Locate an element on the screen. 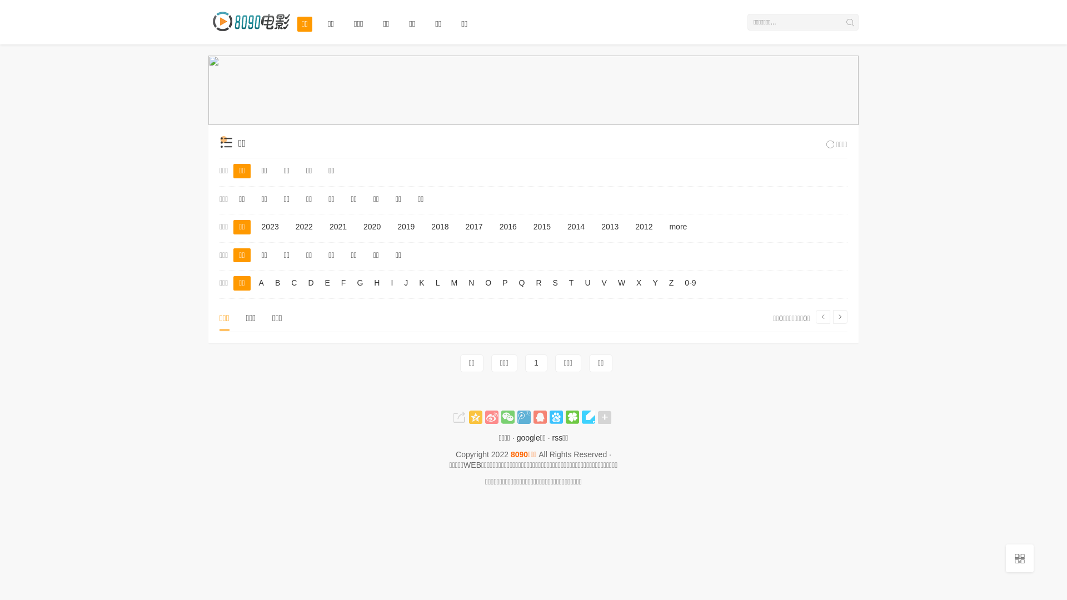 The image size is (1067, 600). 'W' is located at coordinates (621, 282).